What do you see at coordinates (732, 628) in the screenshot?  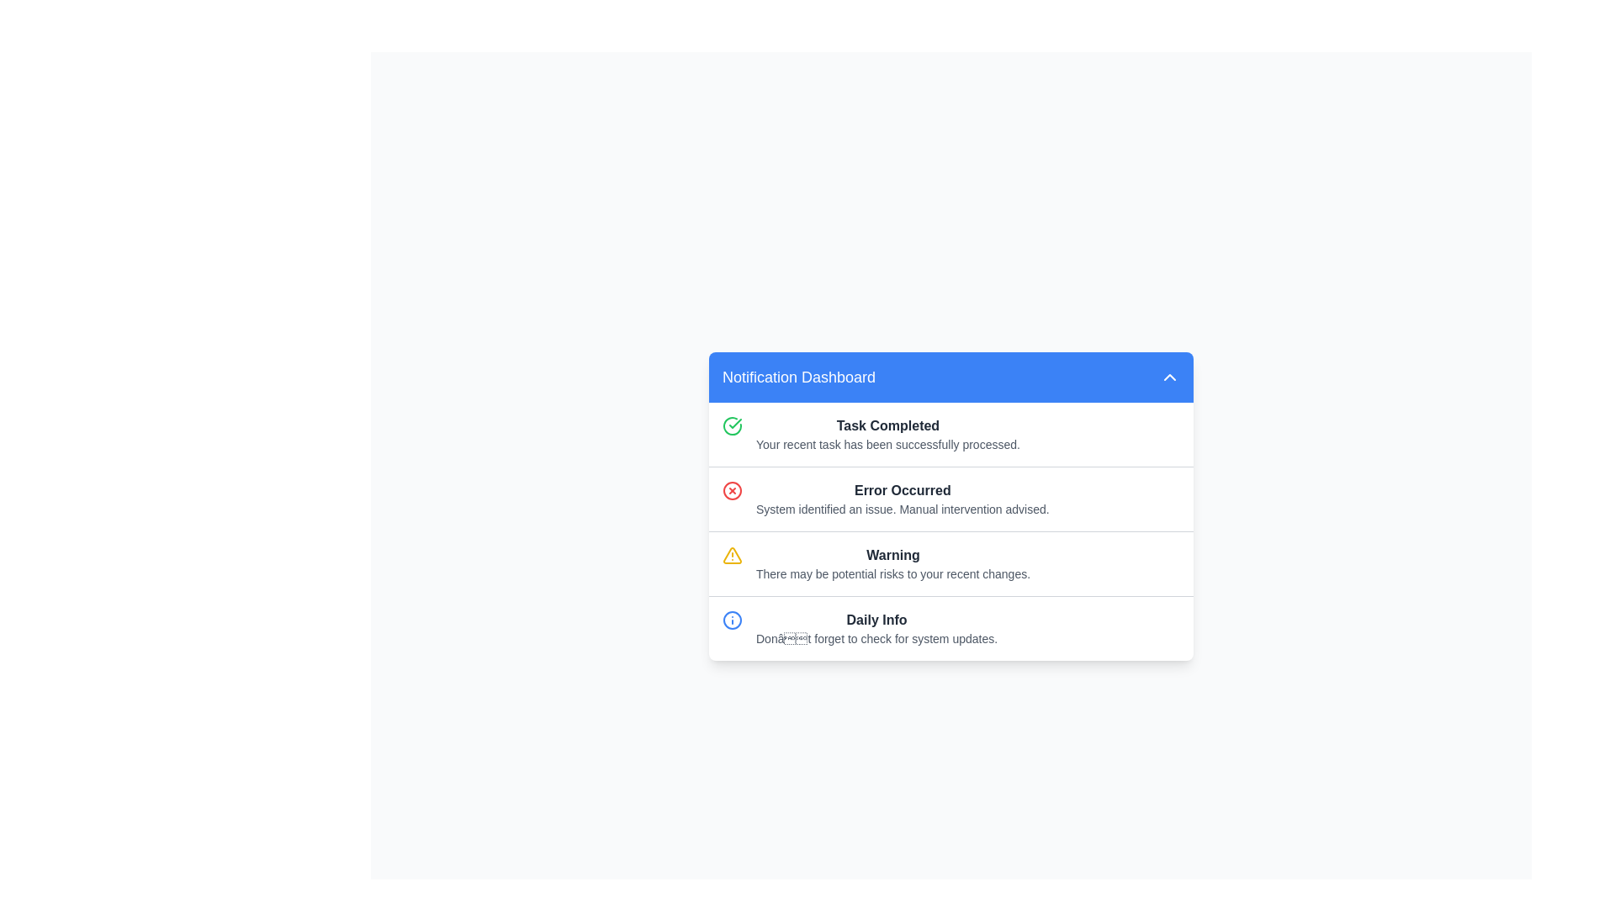 I see `the circular blue outlined information icon with an 'i' symbol, located to the left of the 'Daily Info' text in the information row at the bottom of the panel` at bounding box center [732, 628].